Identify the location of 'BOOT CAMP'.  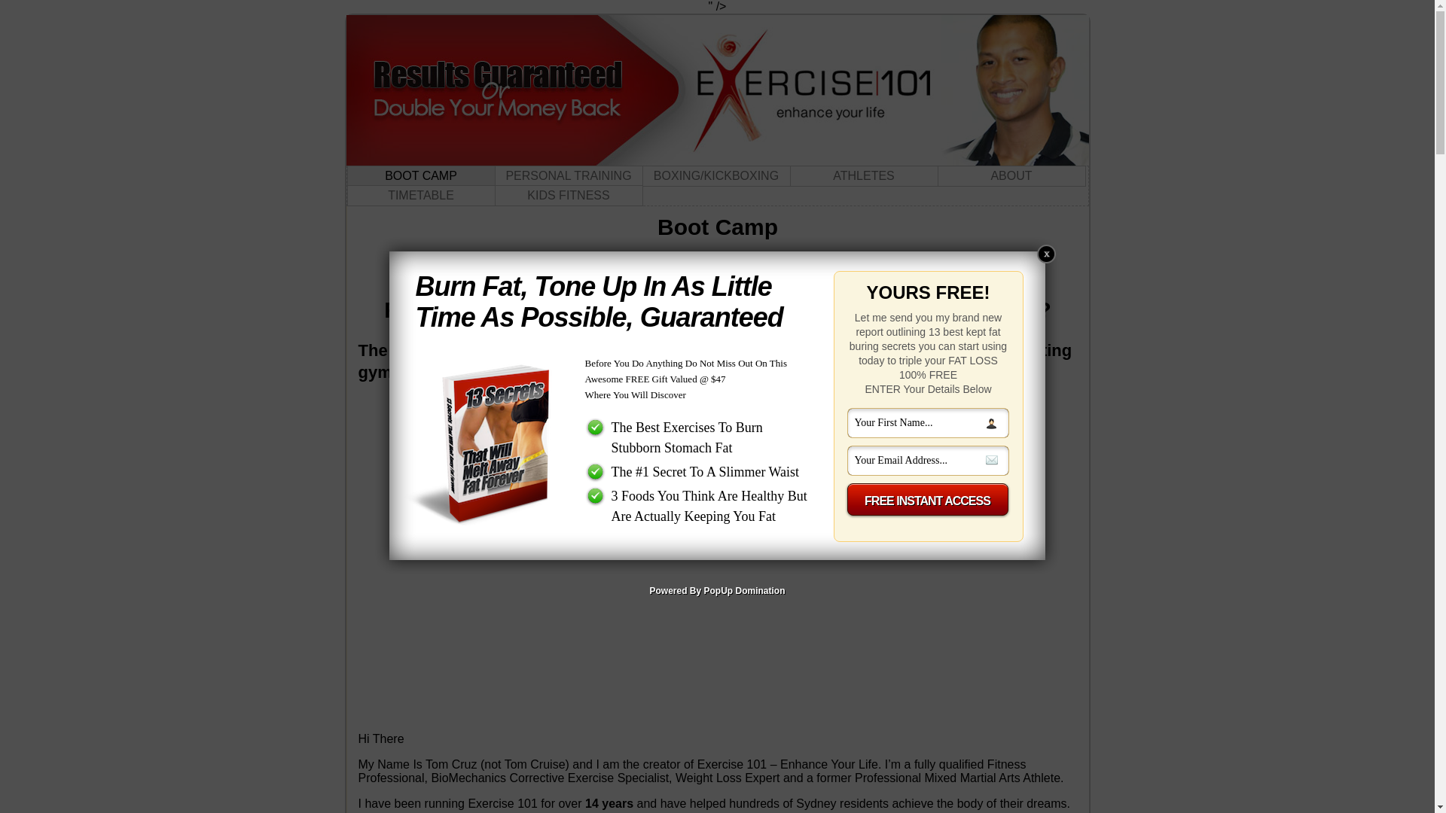
(346, 175).